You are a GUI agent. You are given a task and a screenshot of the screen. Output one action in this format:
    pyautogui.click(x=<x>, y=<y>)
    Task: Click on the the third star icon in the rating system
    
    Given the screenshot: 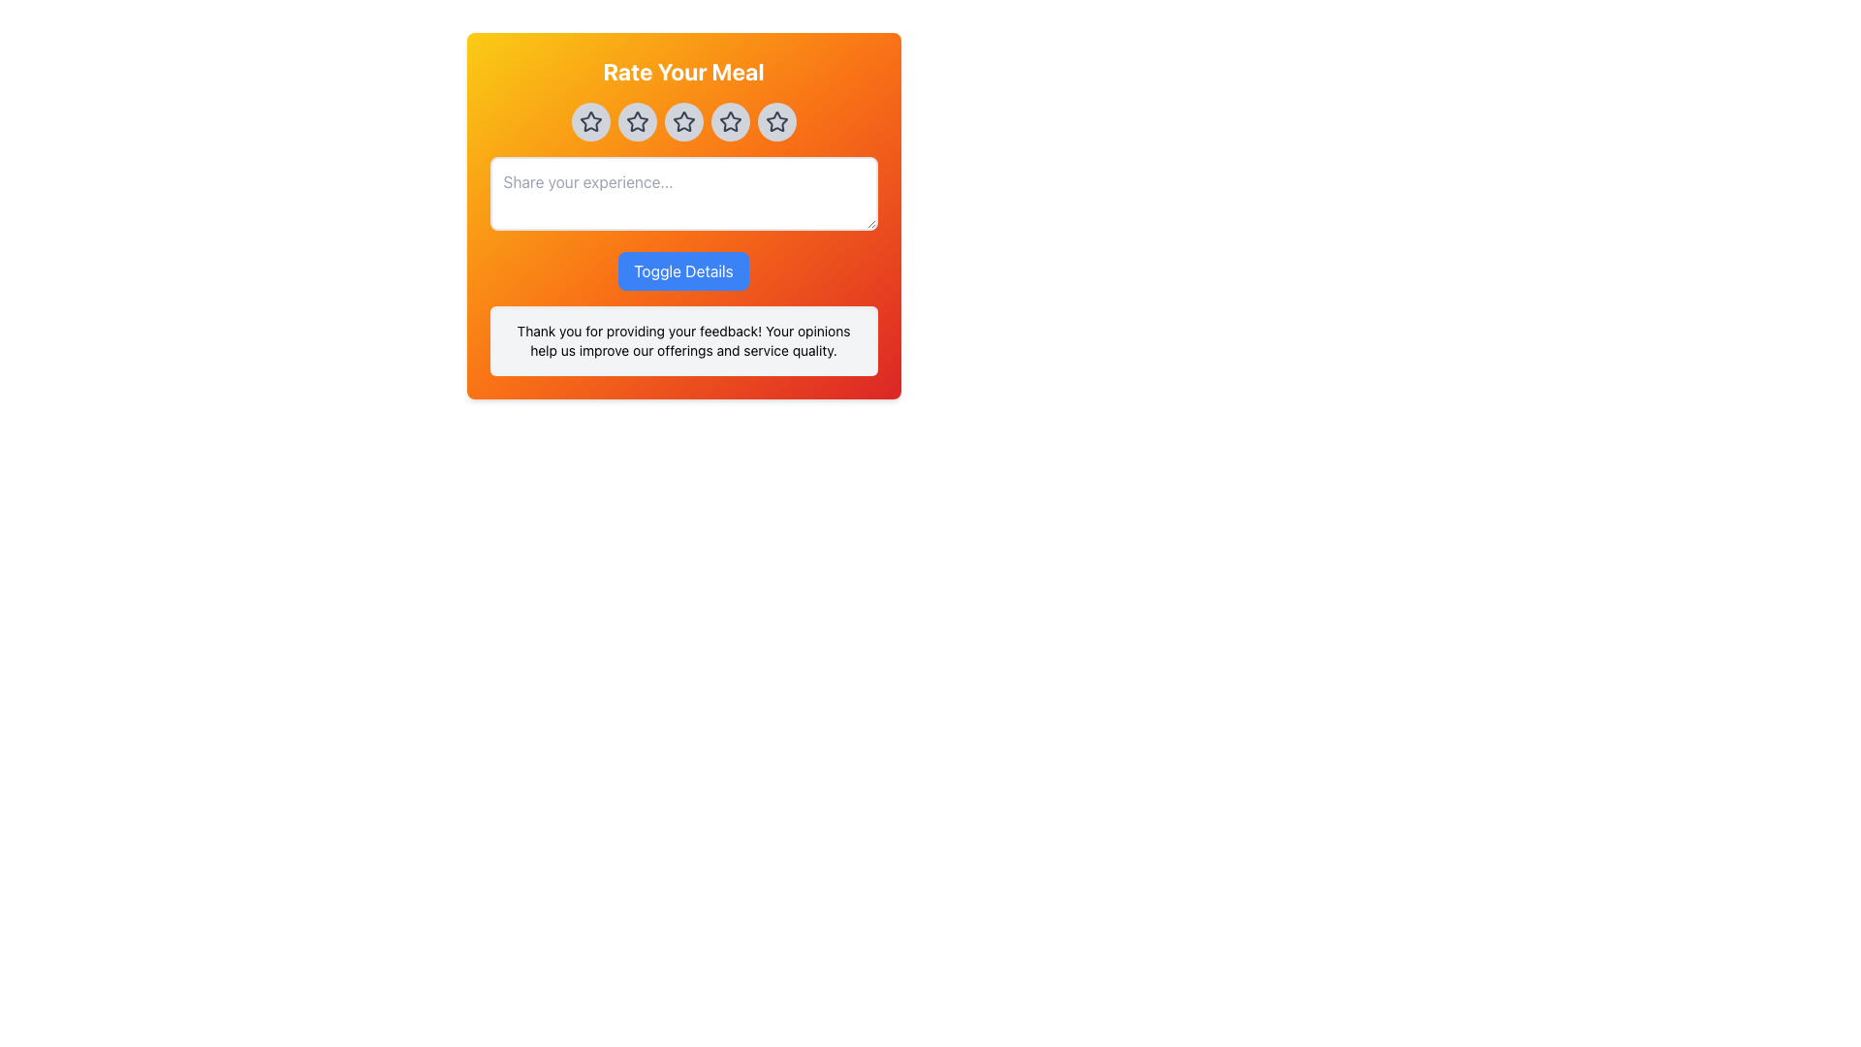 What is the action you would take?
    pyautogui.click(x=683, y=121)
    